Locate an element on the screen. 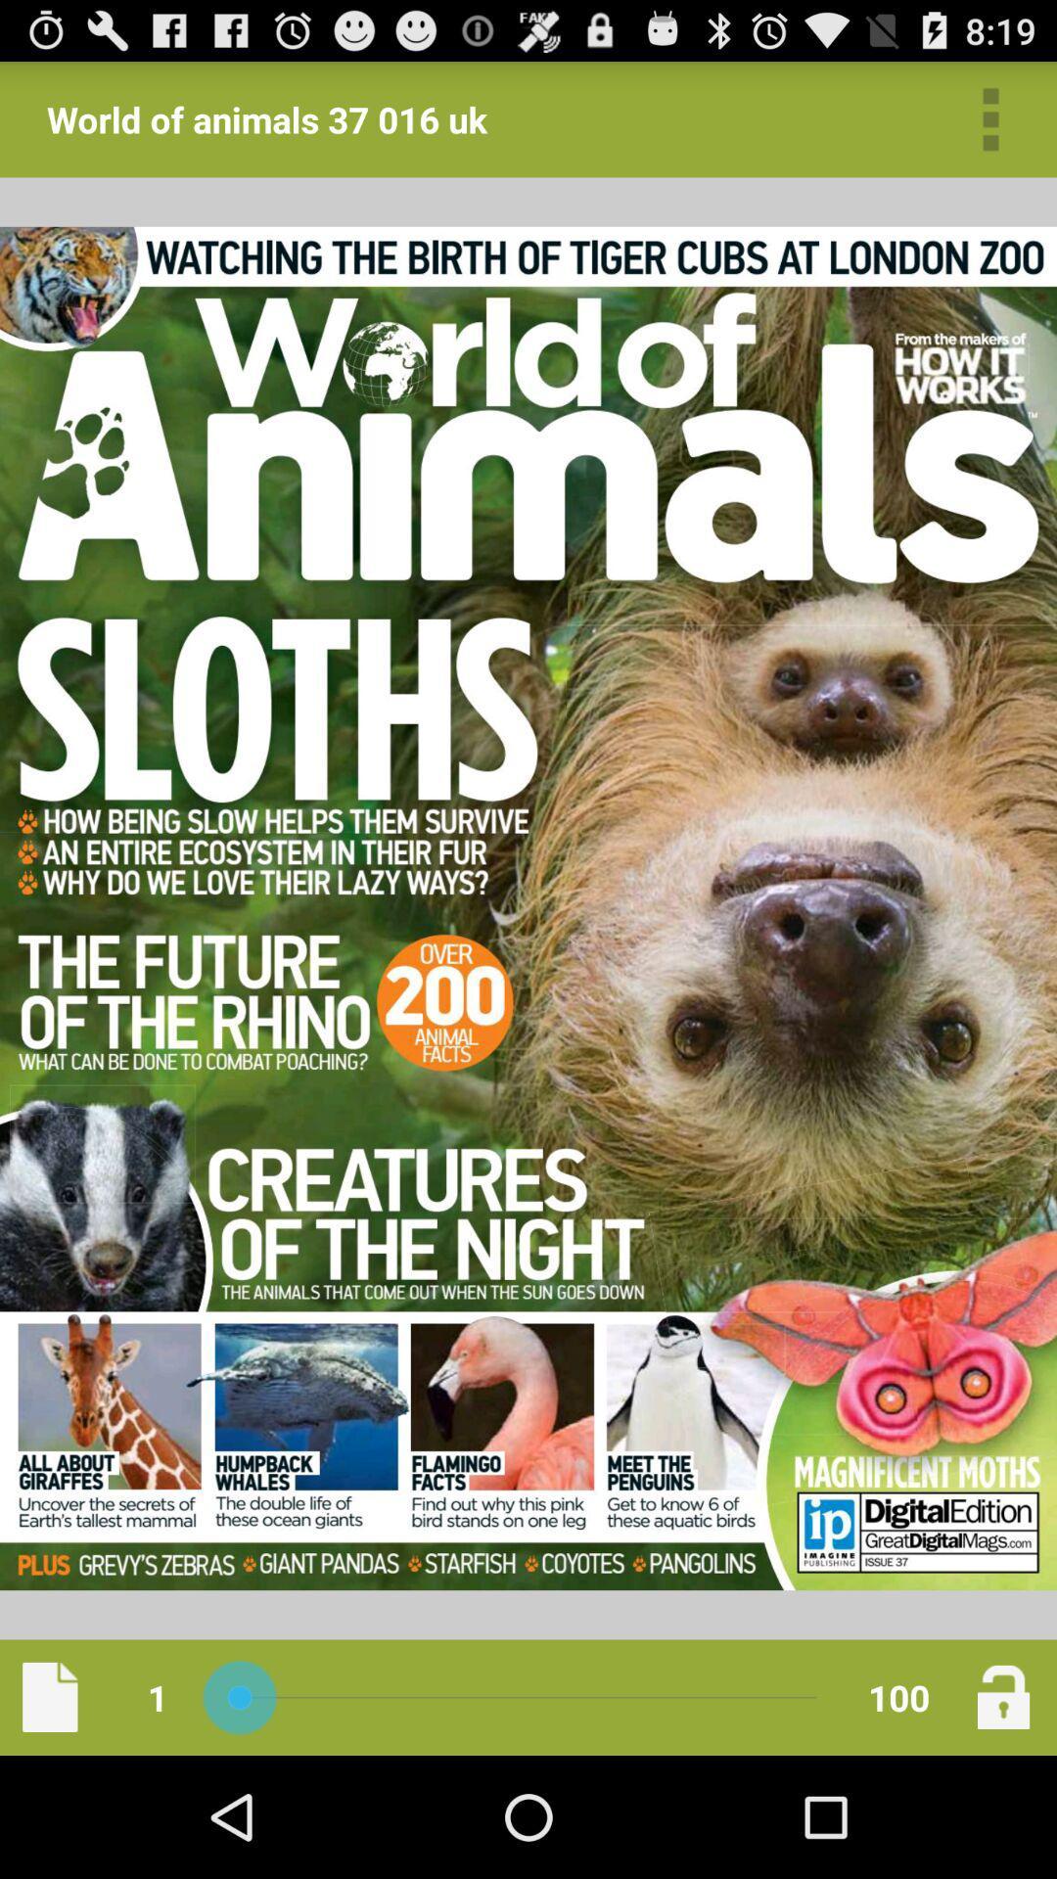 The width and height of the screenshot is (1057, 1879). the app next to 100 app is located at coordinates (1003, 1696).